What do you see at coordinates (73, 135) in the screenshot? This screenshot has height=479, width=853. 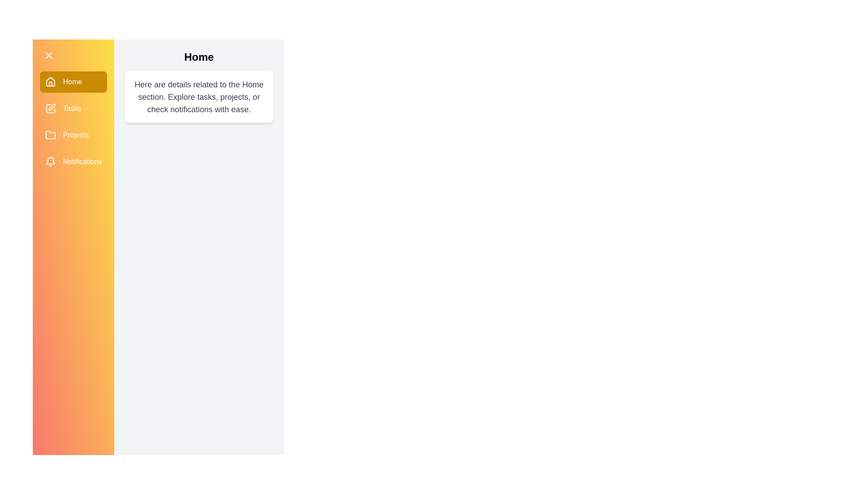 I see `the menu item labeled Projects` at bounding box center [73, 135].